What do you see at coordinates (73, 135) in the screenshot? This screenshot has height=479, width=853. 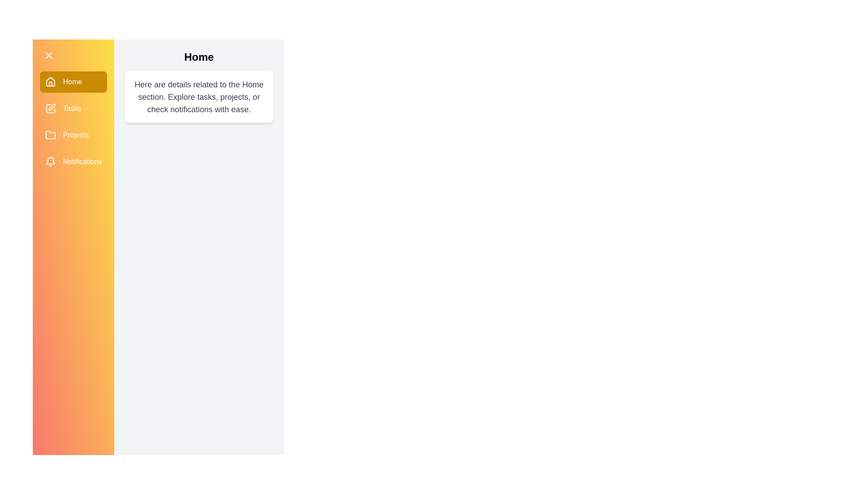 I see `the menu item labeled Projects` at bounding box center [73, 135].